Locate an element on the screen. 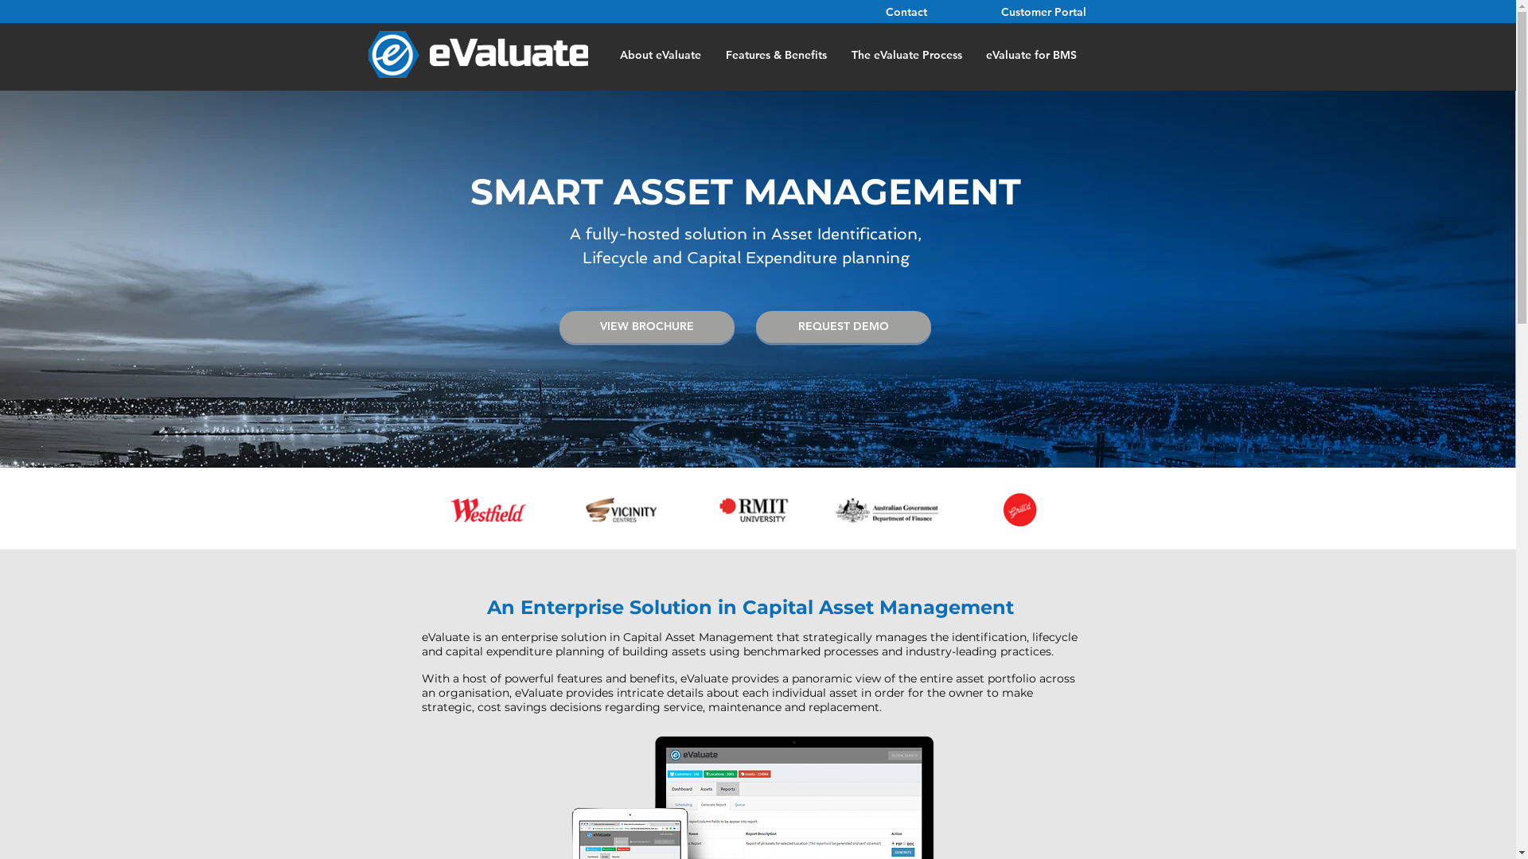 The width and height of the screenshot is (1528, 859). 'eValuate for BMS' is located at coordinates (1031, 52).